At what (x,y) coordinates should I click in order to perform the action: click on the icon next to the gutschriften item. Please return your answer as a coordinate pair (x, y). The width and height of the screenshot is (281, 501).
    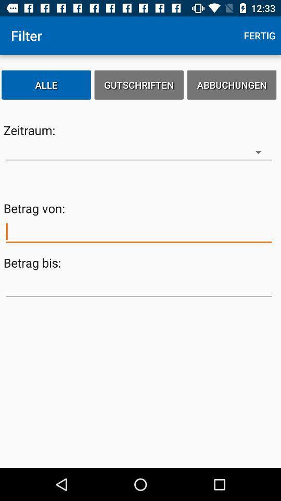
    Looking at the image, I should click on (232, 84).